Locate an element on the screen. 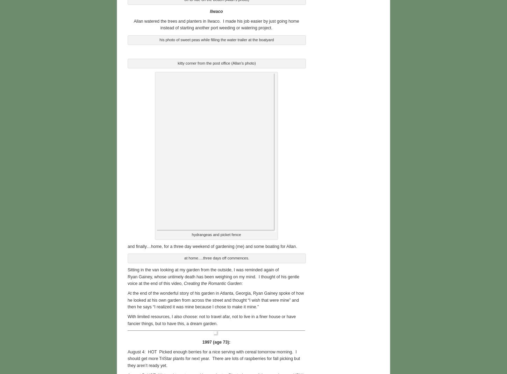  'his photo of sweet peas while filling the water trailer at the boatyard' is located at coordinates (216, 38).